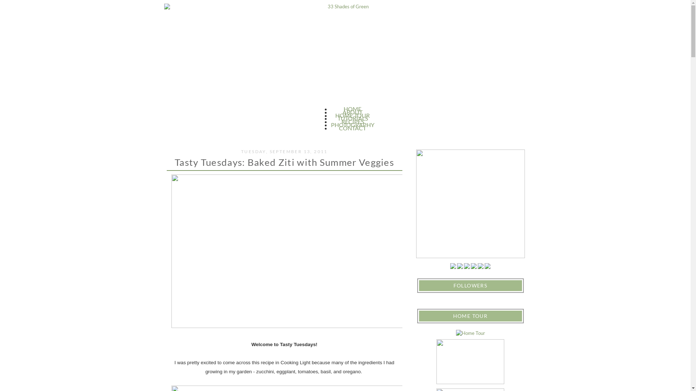 The image size is (696, 391). What do you see at coordinates (352, 124) in the screenshot?
I see `'PHOTOGRAPHY'` at bounding box center [352, 124].